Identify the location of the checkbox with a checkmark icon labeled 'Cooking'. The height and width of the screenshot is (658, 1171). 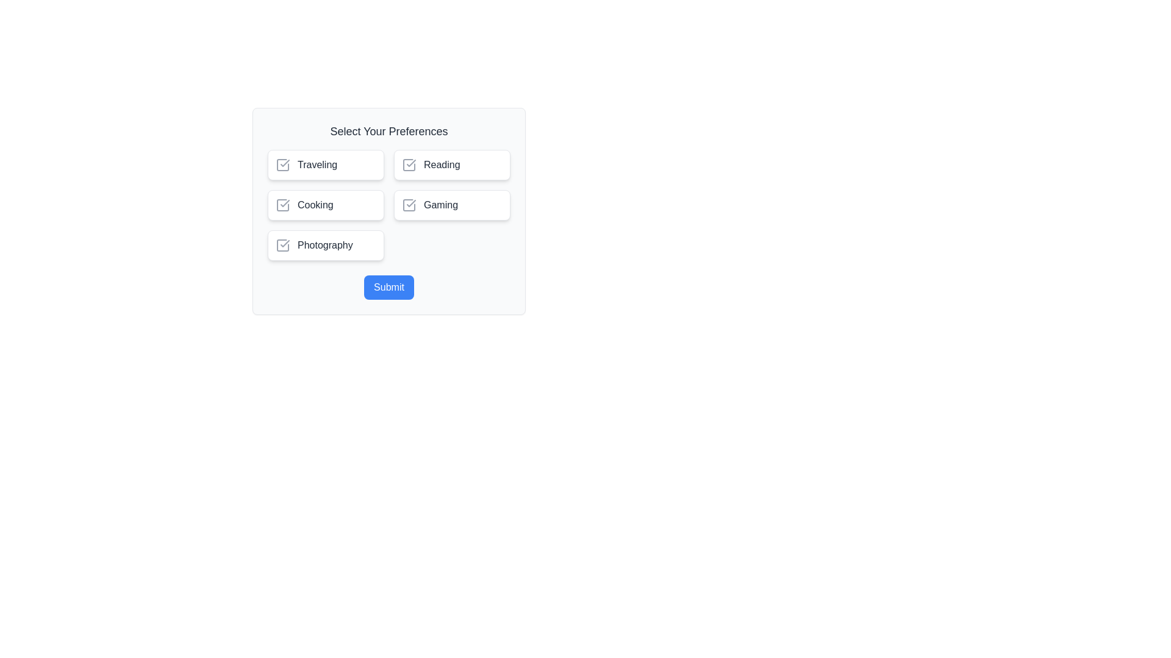
(282, 204).